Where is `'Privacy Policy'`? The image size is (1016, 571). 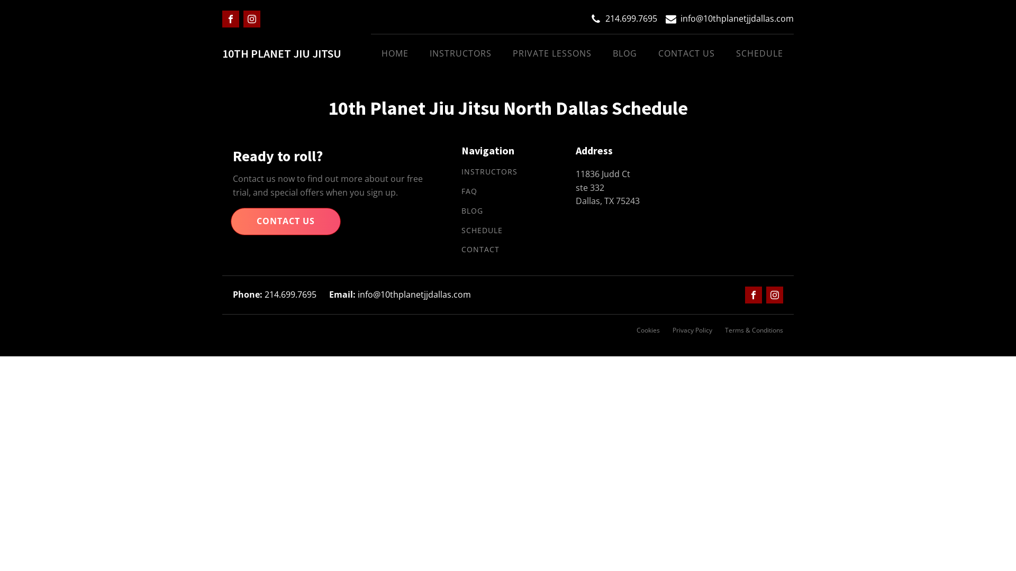 'Privacy Policy' is located at coordinates (692, 329).